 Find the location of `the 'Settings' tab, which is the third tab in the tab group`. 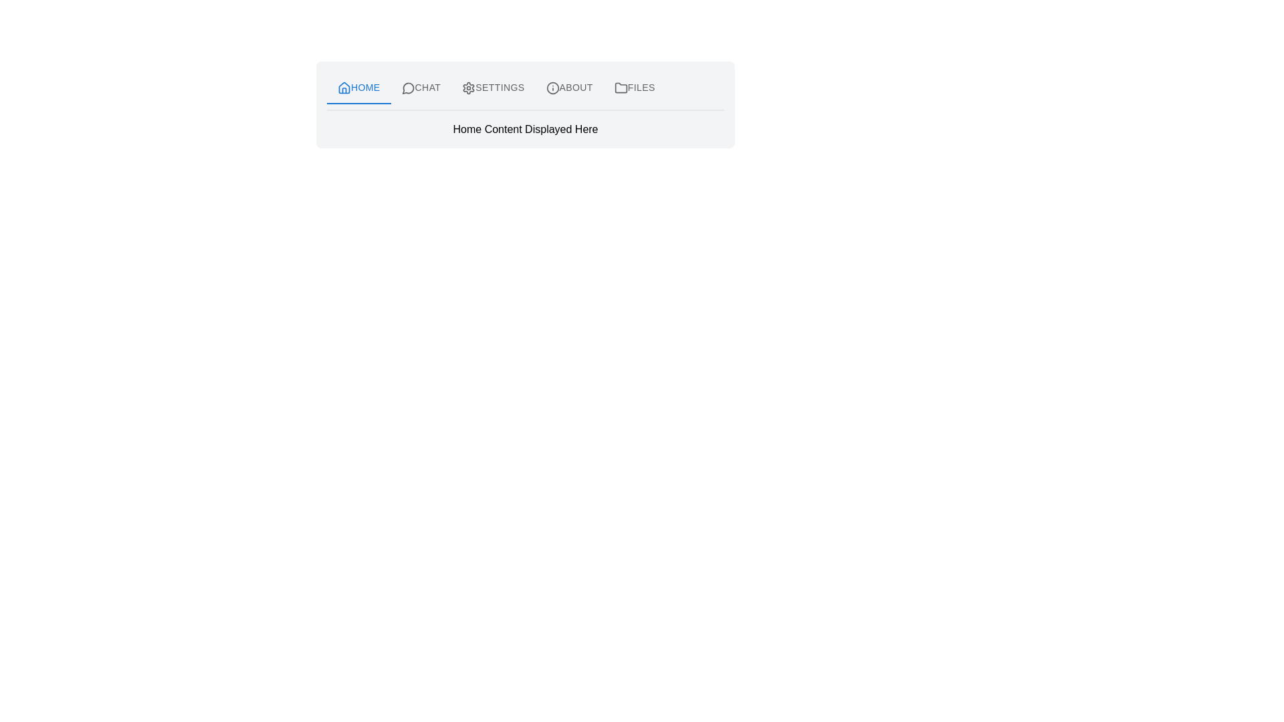

the 'Settings' tab, which is the third tab in the tab group is located at coordinates (492, 88).